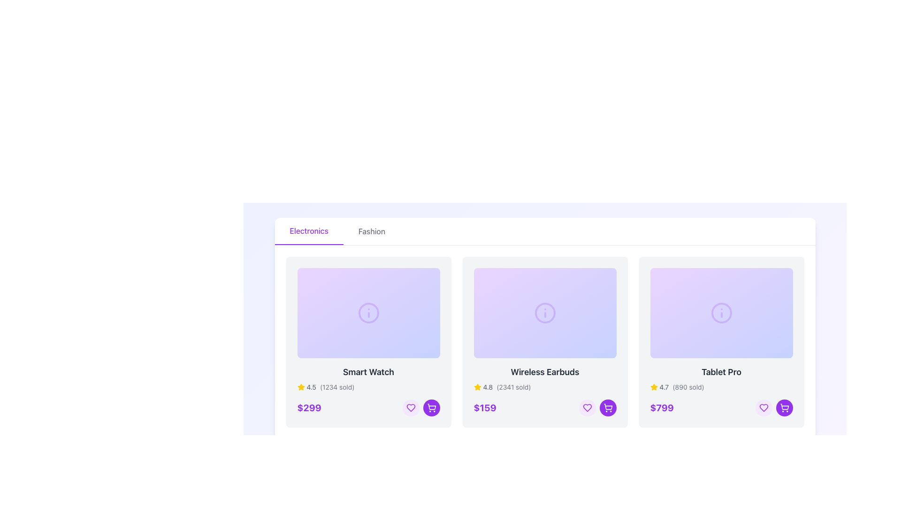 The height and width of the screenshot is (507, 901). Describe the element at coordinates (411, 407) in the screenshot. I see `the 'like' button located in the lower right section of the 'Smart Watch' product card to change its background color` at that location.